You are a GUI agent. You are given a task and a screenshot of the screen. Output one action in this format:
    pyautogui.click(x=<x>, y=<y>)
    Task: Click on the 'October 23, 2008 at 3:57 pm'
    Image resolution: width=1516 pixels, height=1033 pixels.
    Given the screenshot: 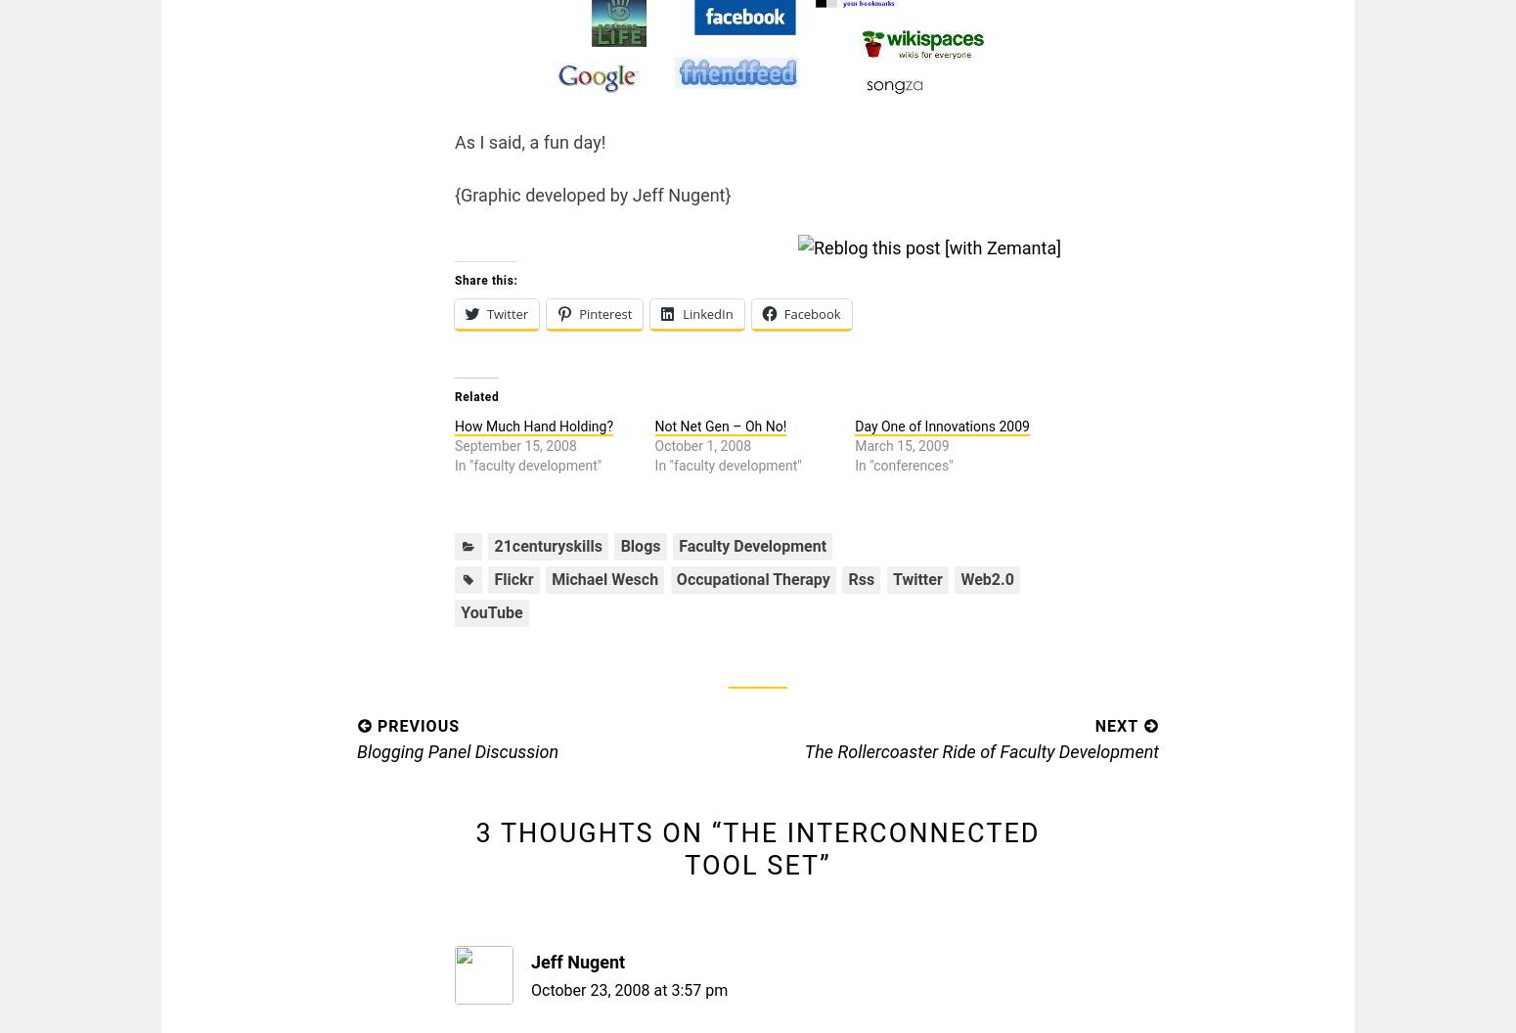 What is the action you would take?
    pyautogui.click(x=628, y=989)
    